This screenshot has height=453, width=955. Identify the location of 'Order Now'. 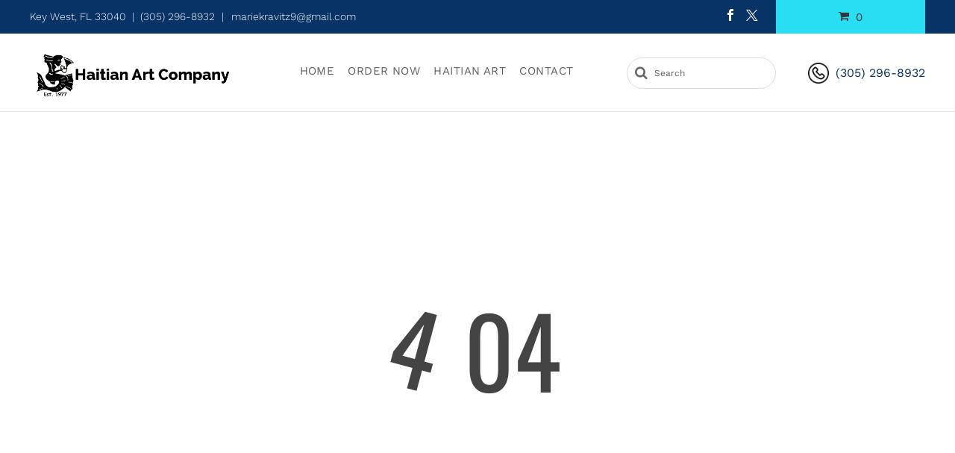
(383, 70).